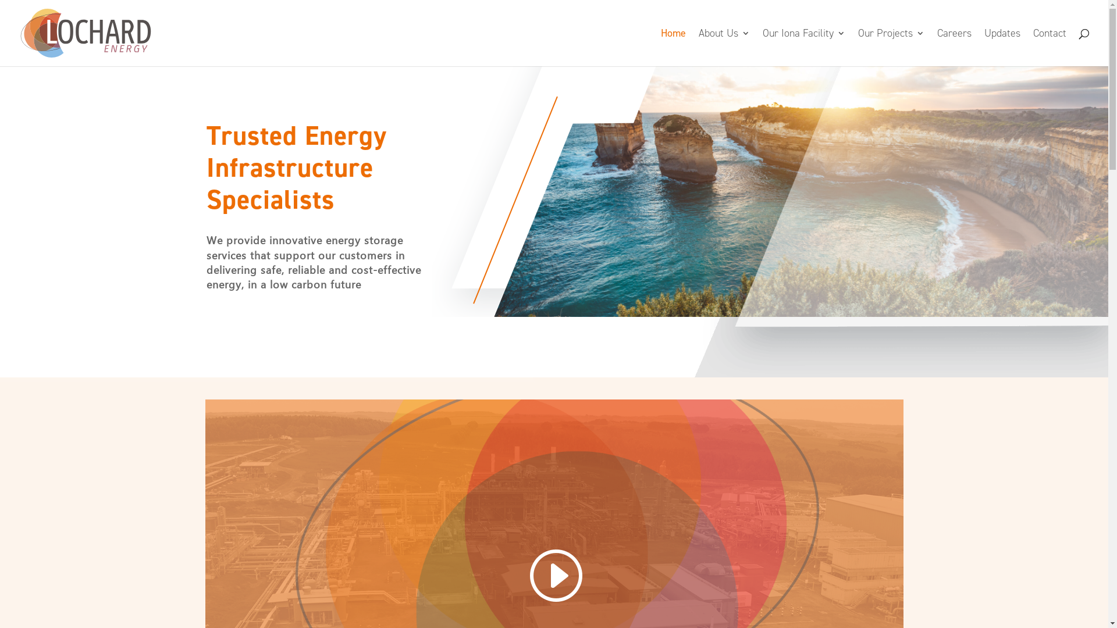 Image resolution: width=1117 pixels, height=628 pixels. Describe the element at coordinates (431, 191) in the screenshot. I see `'shutterstock_1106592248'` at that location.